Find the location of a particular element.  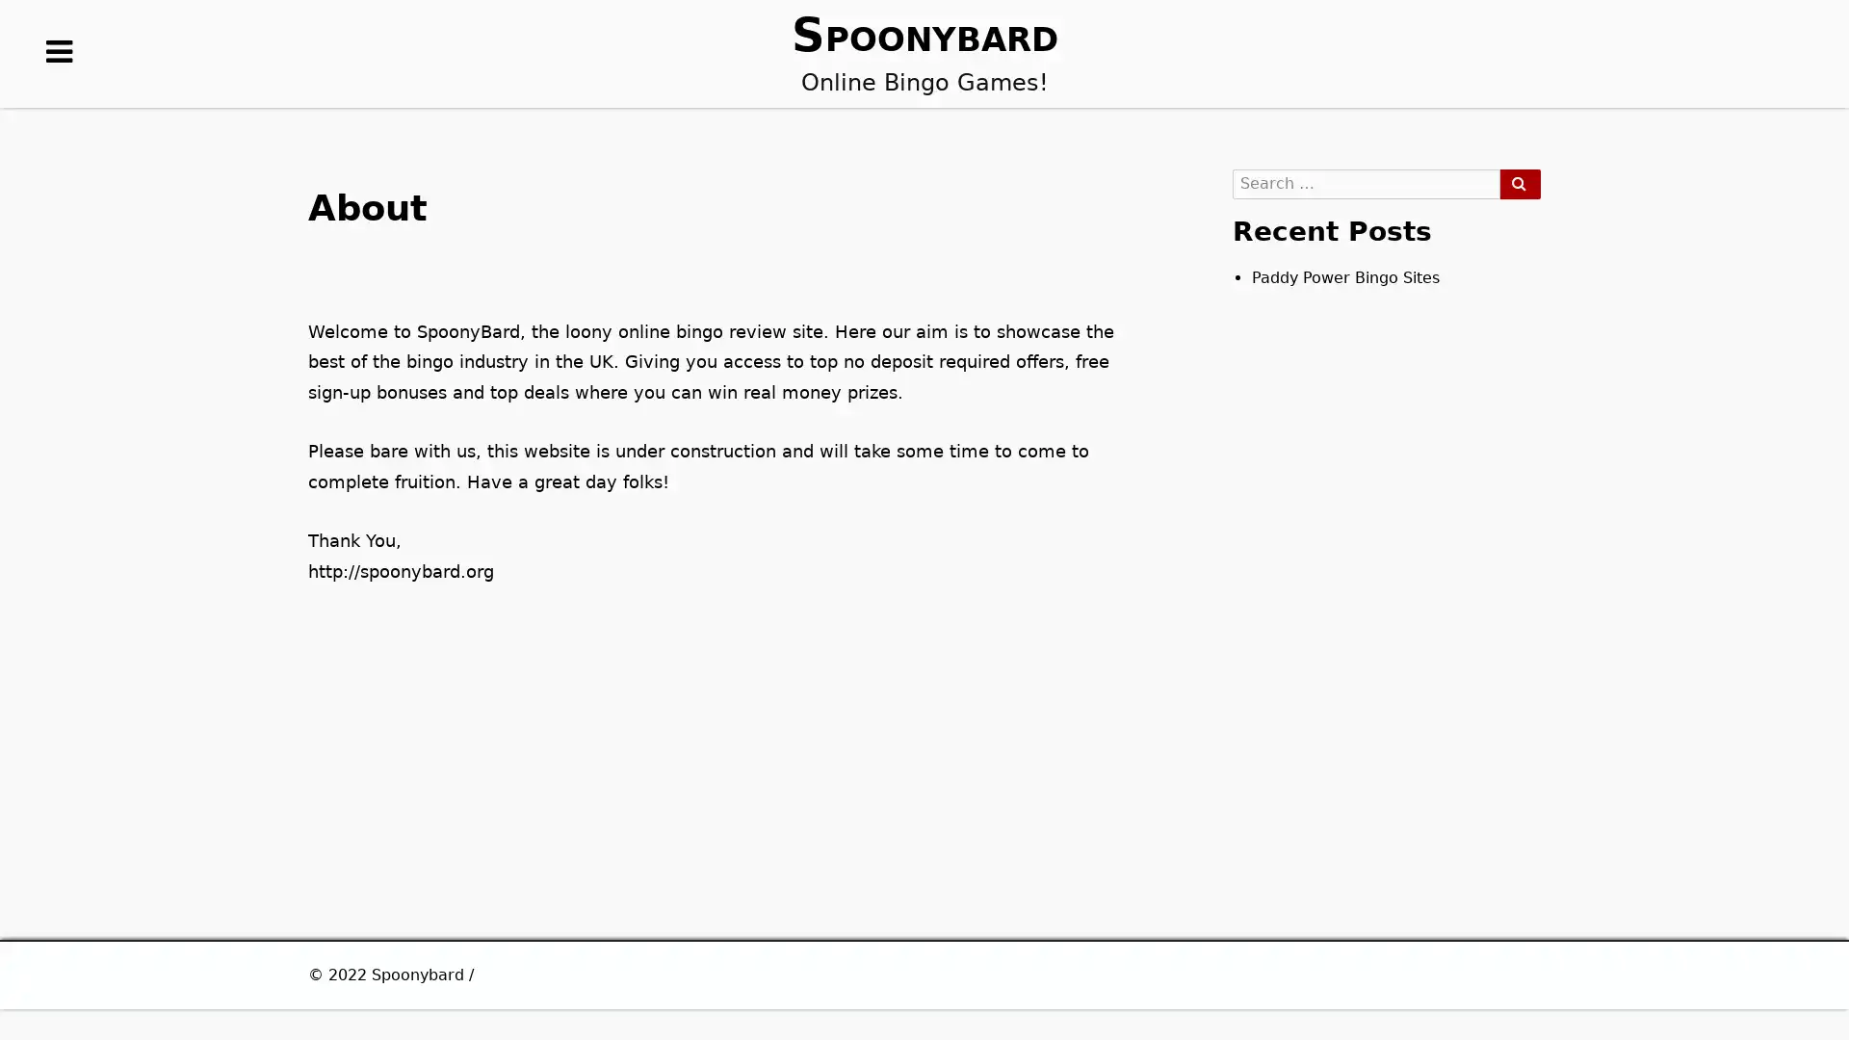

SEARCH is located at coordinates (1519, 184).